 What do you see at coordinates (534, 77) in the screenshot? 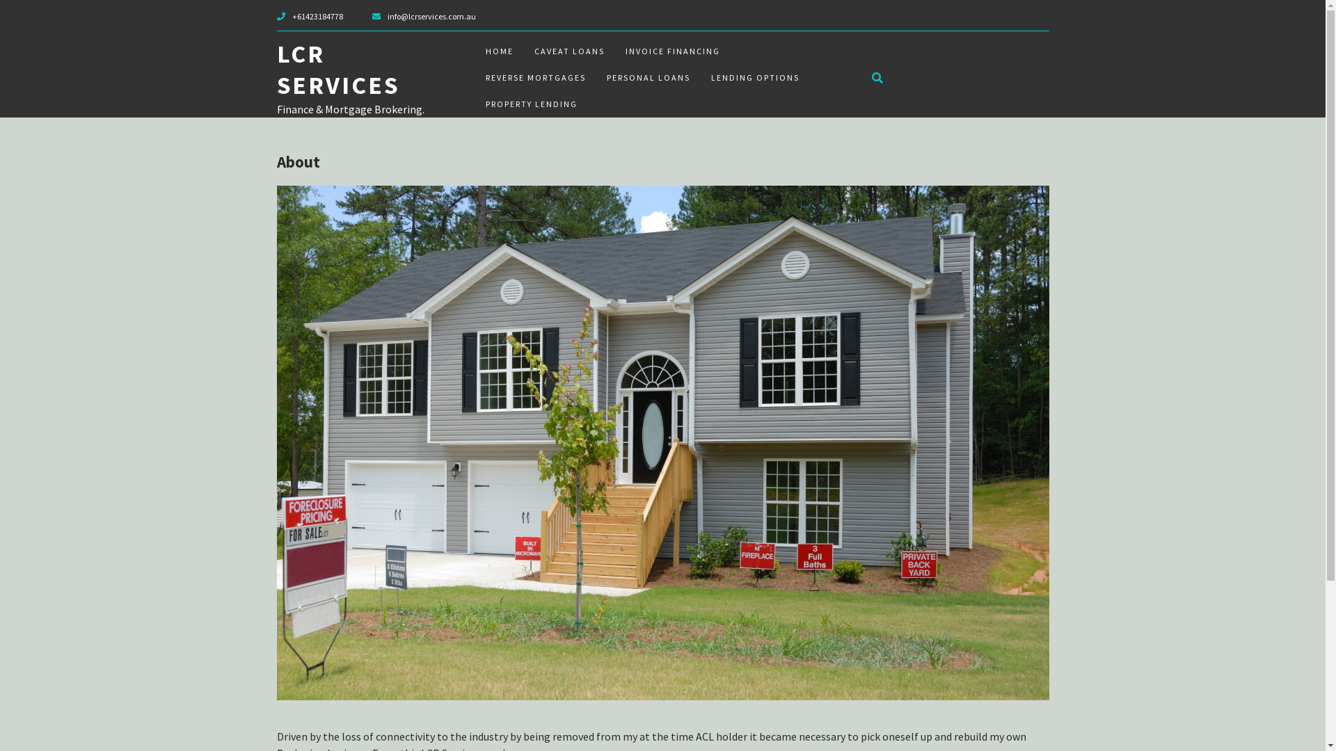
I see `'REVERSE MORTGAGES'` at bounding box center [534, 77].